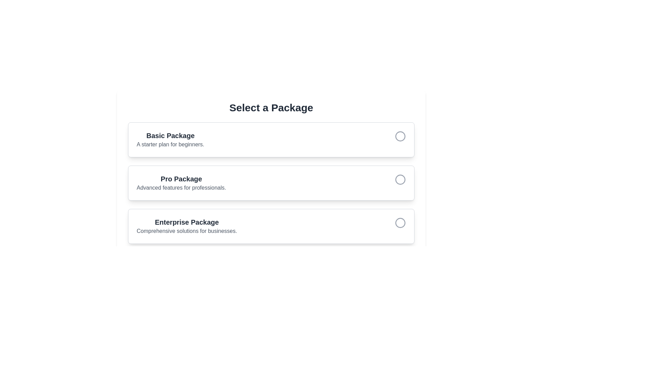  Describe the element at coordinates (187, 222) in the screenshot. I see `the Static Text that serves as the title for the 'Enterprise Package', which is positioned above the description text in the third package option section` at that location.